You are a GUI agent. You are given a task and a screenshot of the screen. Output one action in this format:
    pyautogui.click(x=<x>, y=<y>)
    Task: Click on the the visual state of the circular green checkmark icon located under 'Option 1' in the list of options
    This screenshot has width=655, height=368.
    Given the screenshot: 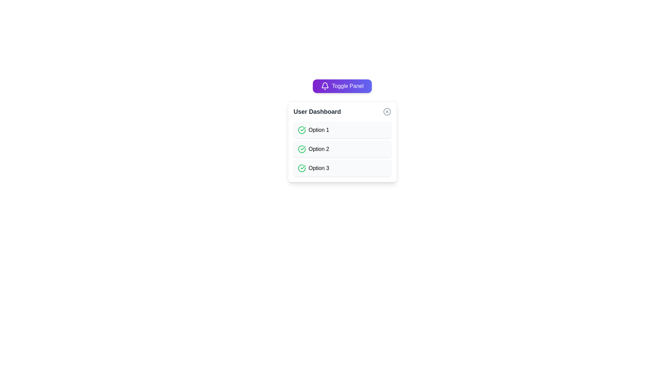 What is the action you would take?
    pyautogui.click(x=301, y=130)
    